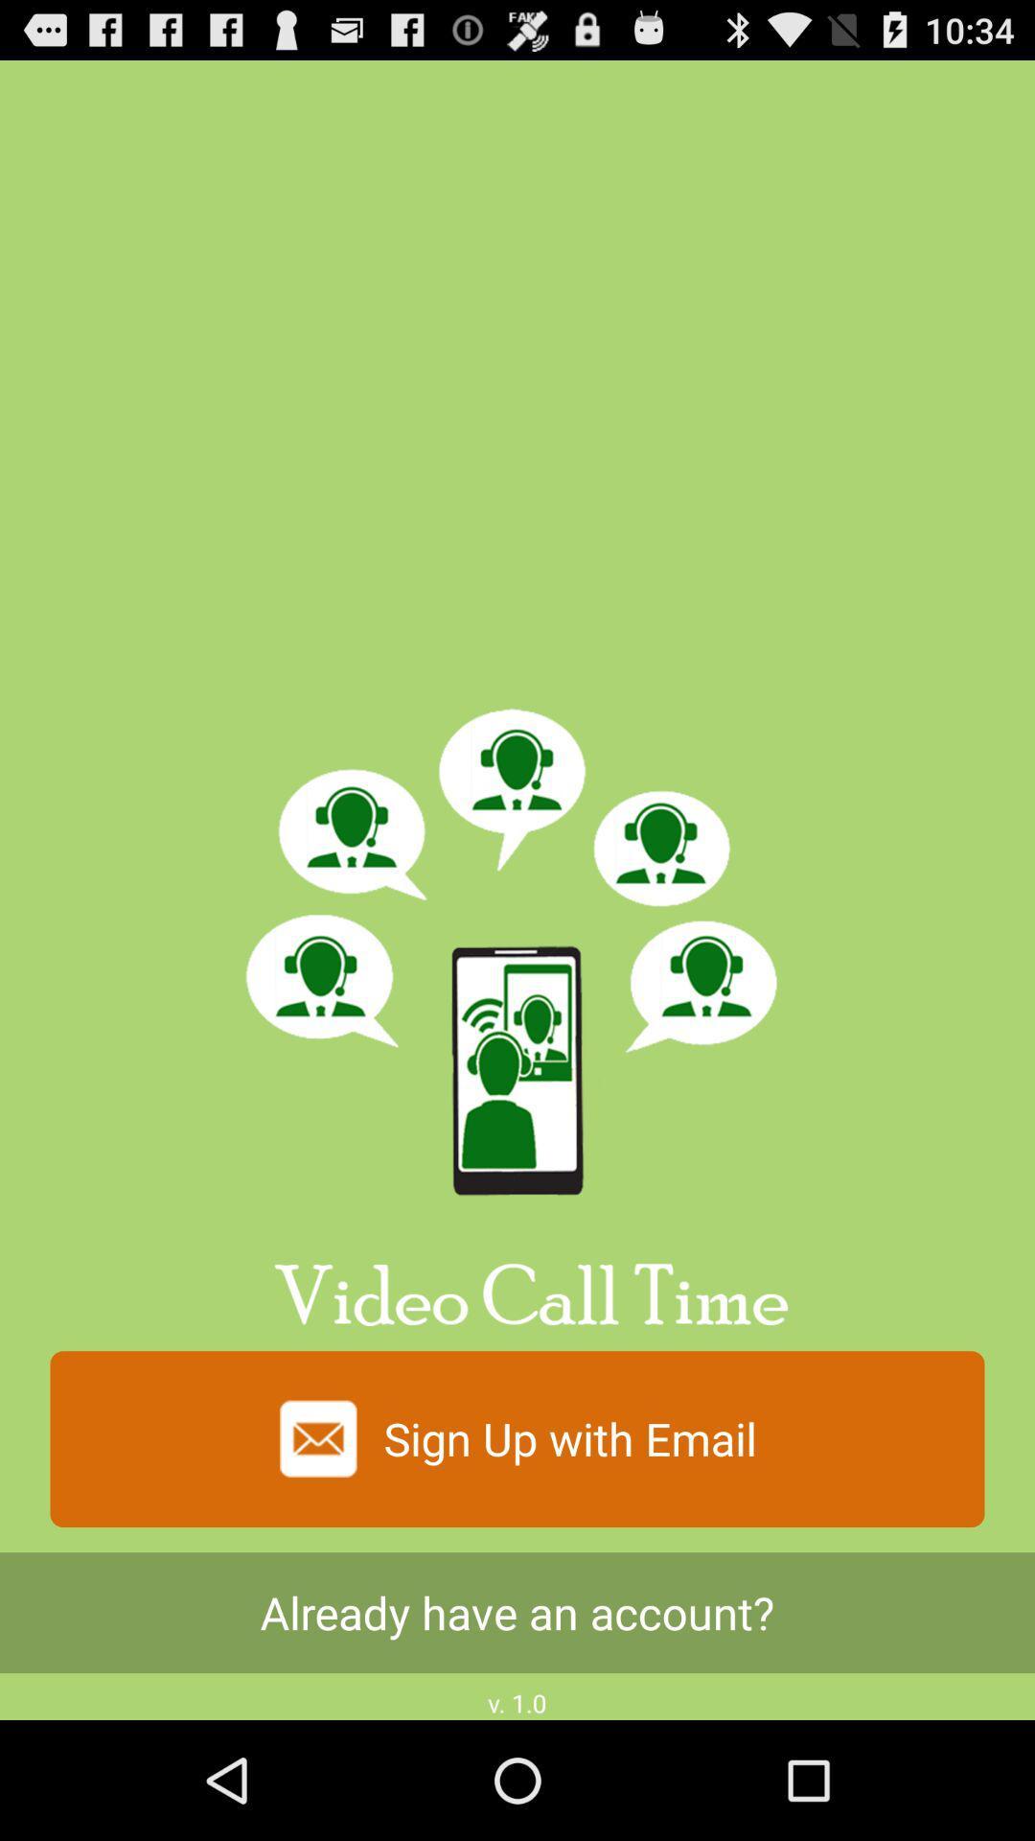  Describe the element at coordinates (517, 1612) in the screenshot. I see `already have an button` at that location.